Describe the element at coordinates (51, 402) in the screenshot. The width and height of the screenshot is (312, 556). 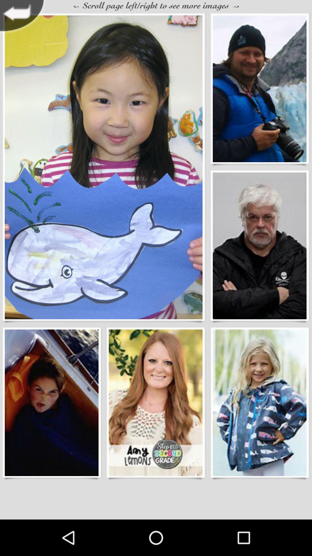
I see `increase photo` at that location.